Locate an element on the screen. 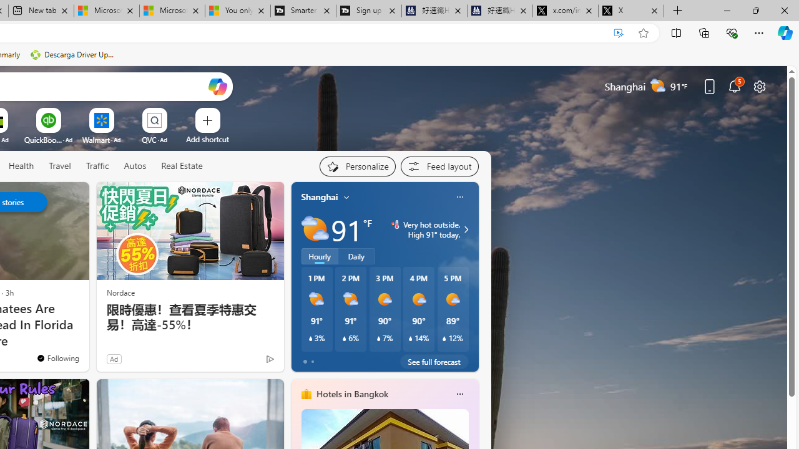 This screenshot has height=449, width=799. 'Enhance video' is located at coordinates (619, 32).